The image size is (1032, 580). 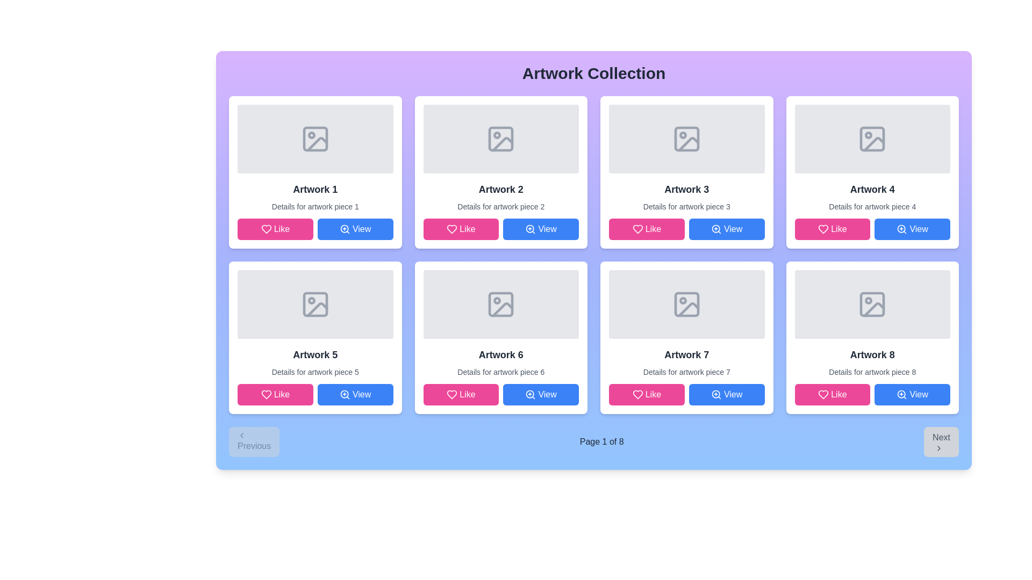 What do you see at coordinates (355, 229) in the screenshot?
I see `the rectangular blue button with white text 'View' and a magnifying glass icon to observe its hover effects` at bounding box center [355, 229].